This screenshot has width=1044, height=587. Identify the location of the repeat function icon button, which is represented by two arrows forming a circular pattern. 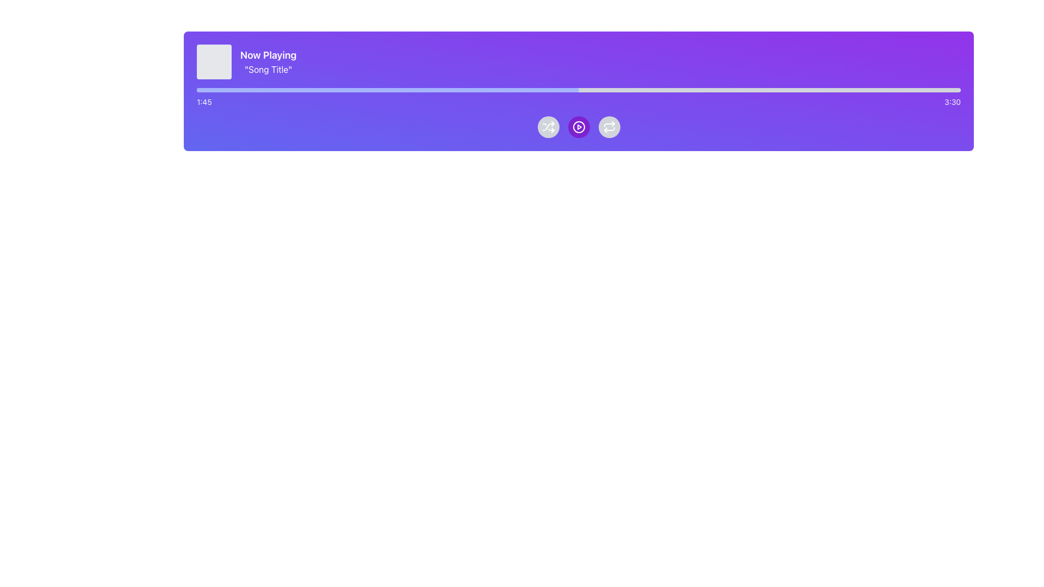
(609, 127).